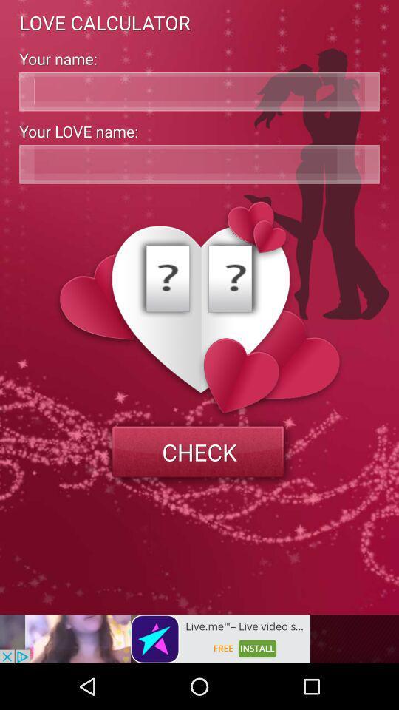 The height and width of the screenshot is (710, 399). What do you see at coordinates (199, 91) in the screenshot?
I see `name` at bounding box center [199, 91].